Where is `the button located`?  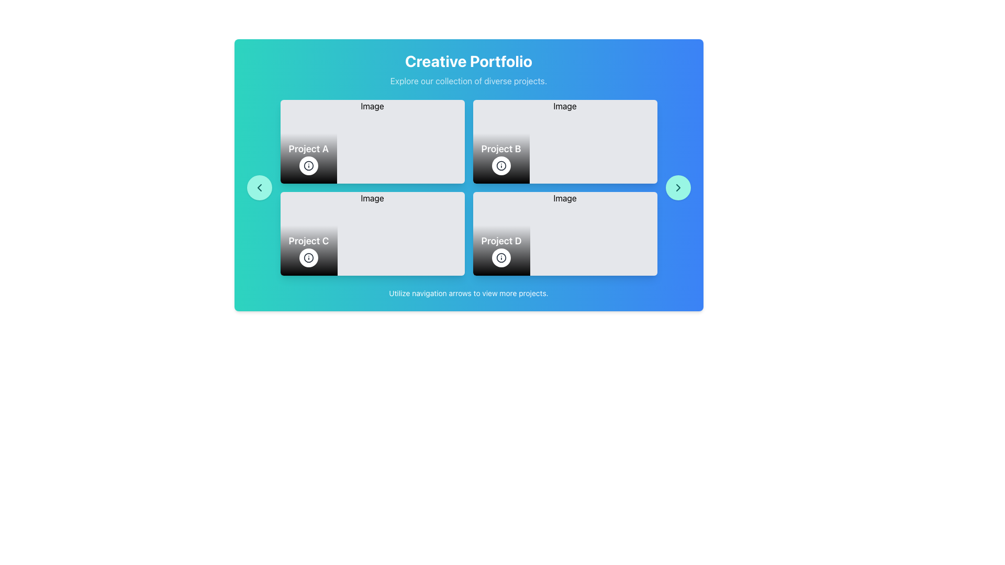
the button located is located at coordinates (500, 165).